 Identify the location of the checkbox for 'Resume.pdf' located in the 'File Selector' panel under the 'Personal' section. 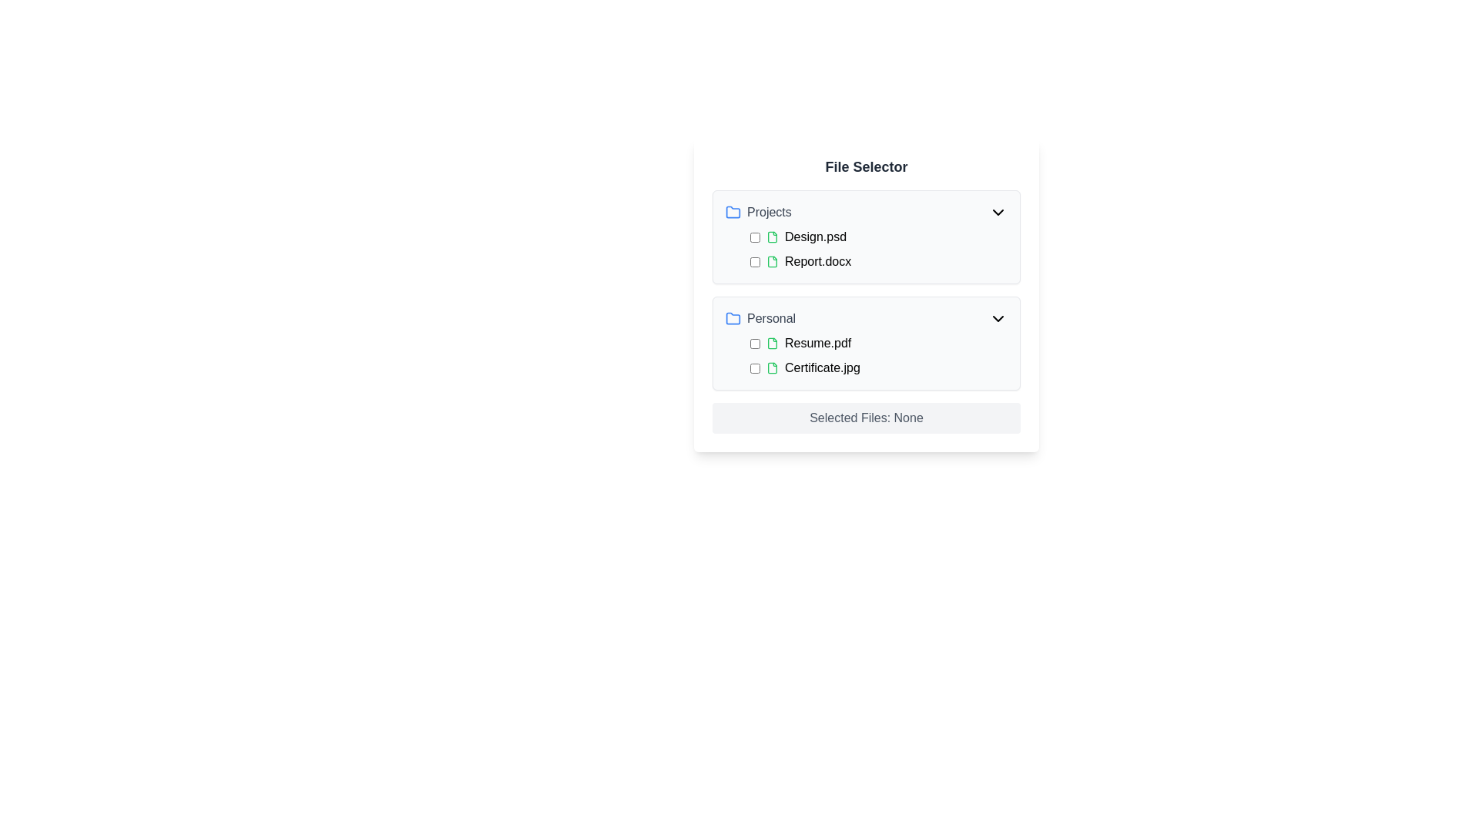
(755, 343).